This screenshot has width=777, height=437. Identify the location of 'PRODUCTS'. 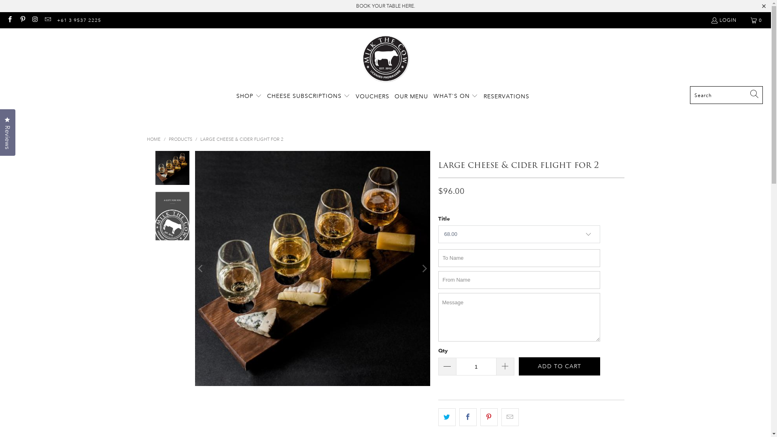
(168, 139).